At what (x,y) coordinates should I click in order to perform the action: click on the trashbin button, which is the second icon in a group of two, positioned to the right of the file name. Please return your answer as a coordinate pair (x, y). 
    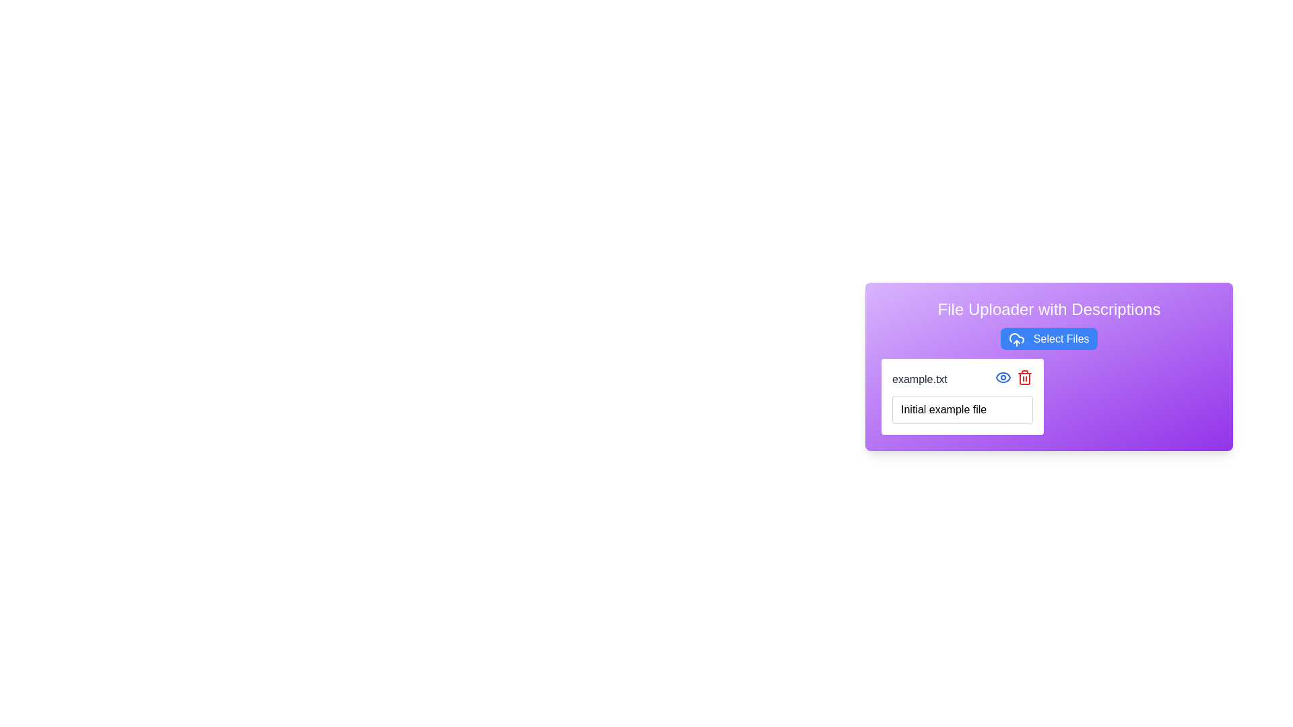
    Looking at the image, I should click on (1024, 376).